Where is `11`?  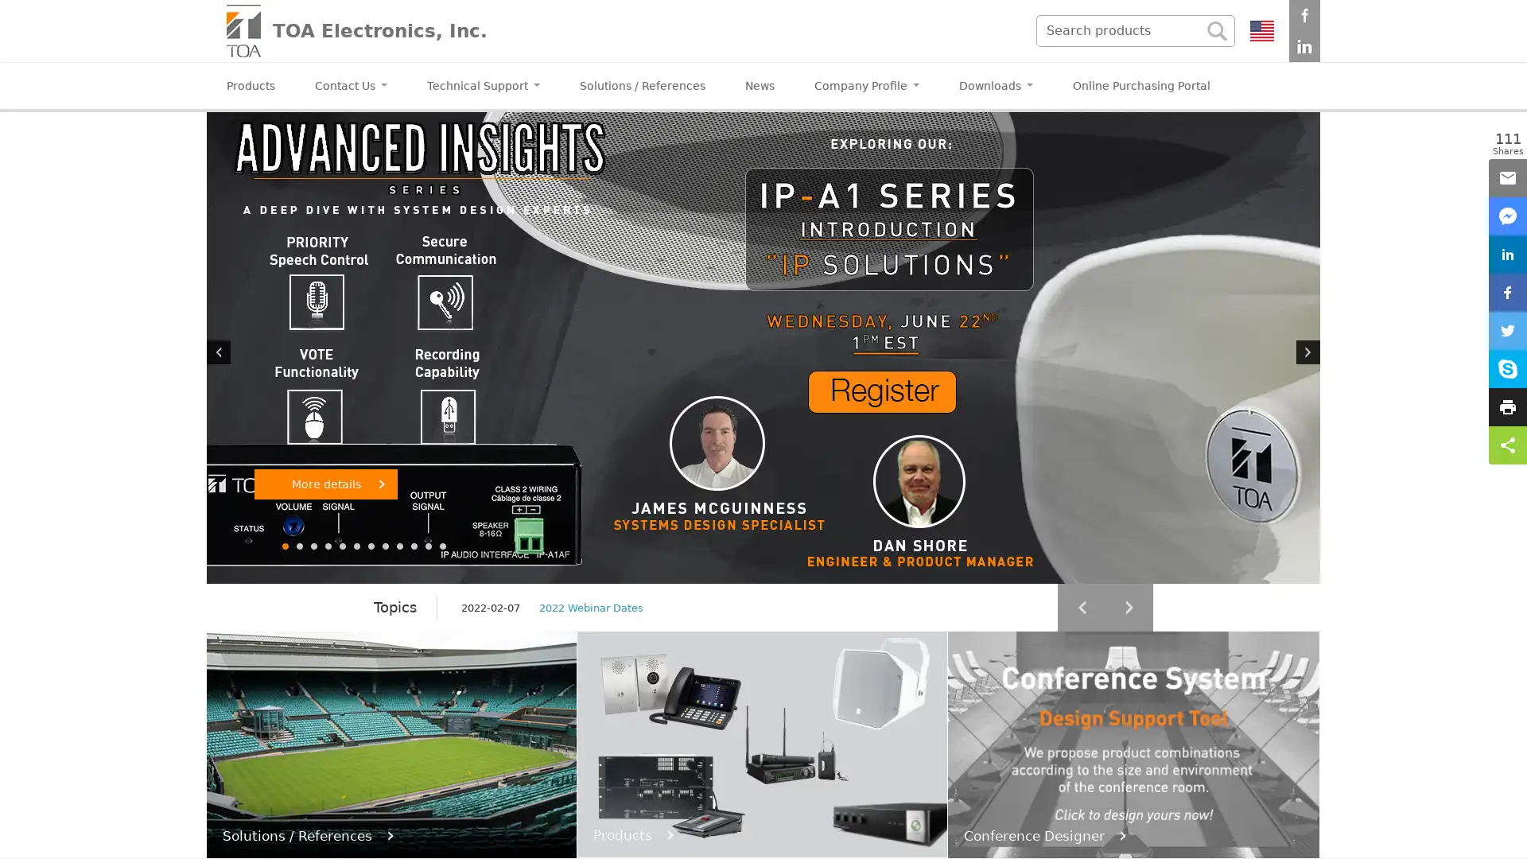
11 is located at coordinates (429, 545).